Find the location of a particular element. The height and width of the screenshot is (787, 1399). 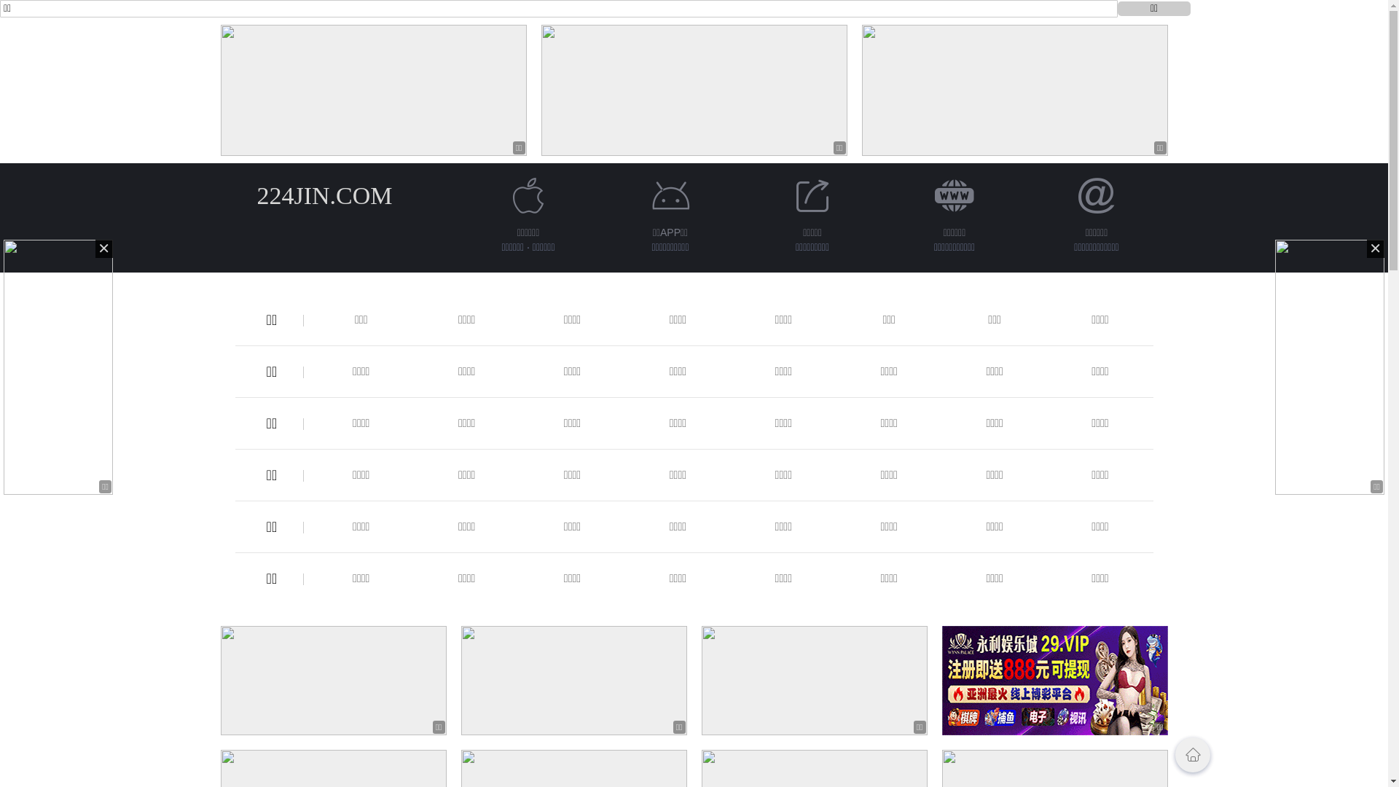

'224JIN.COM' is located at coordinates (256, 195).